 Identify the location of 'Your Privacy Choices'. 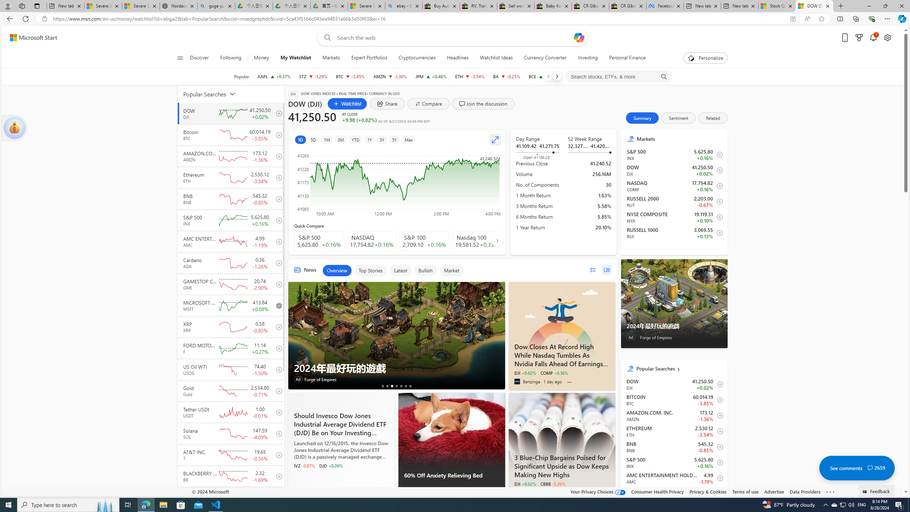
(598, 491).